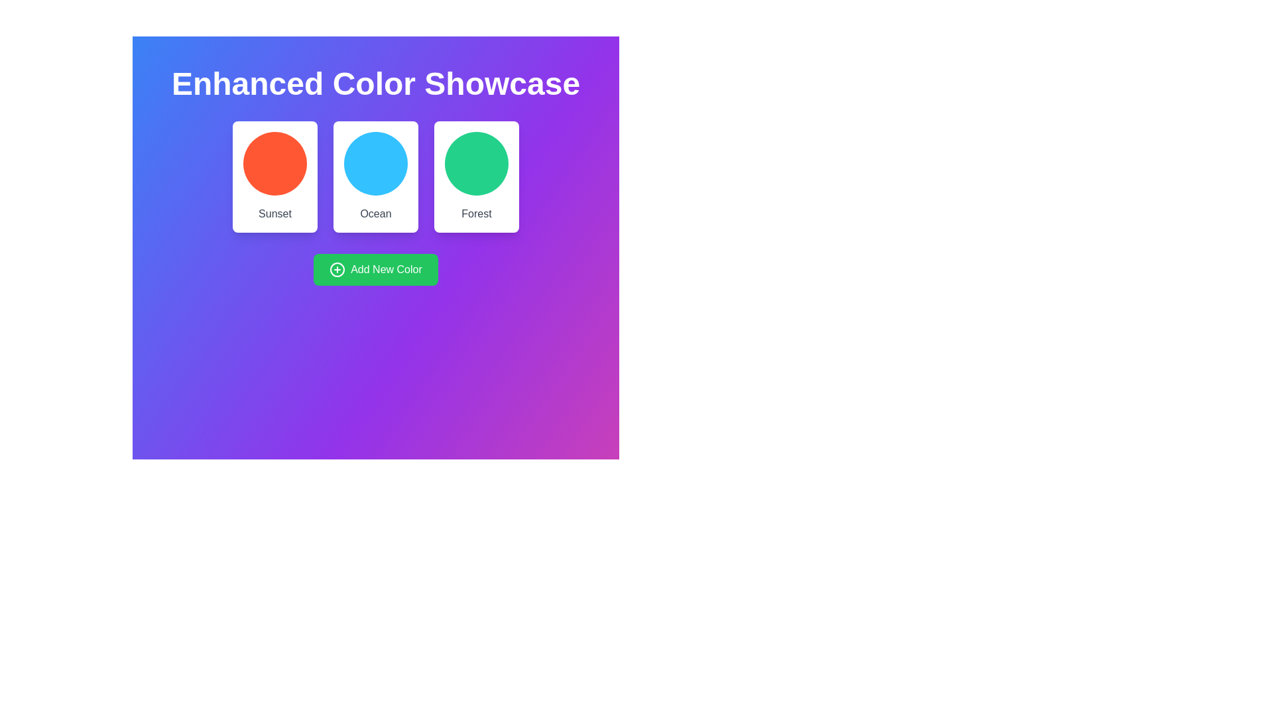 The image size is (1273, 716). I want to click on the vibrant orange circular Decorative color indicator located in the upper-left part of the interface, centered within the card labeled 'Sunset', so click(274, 162).